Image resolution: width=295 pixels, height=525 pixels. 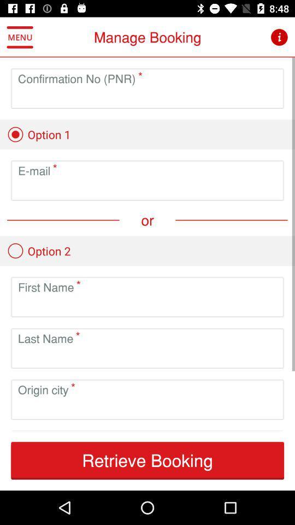 What do you see at coordinates (279, 37) in the screenshot?
I see `more information` at bounding box center [279, 37].